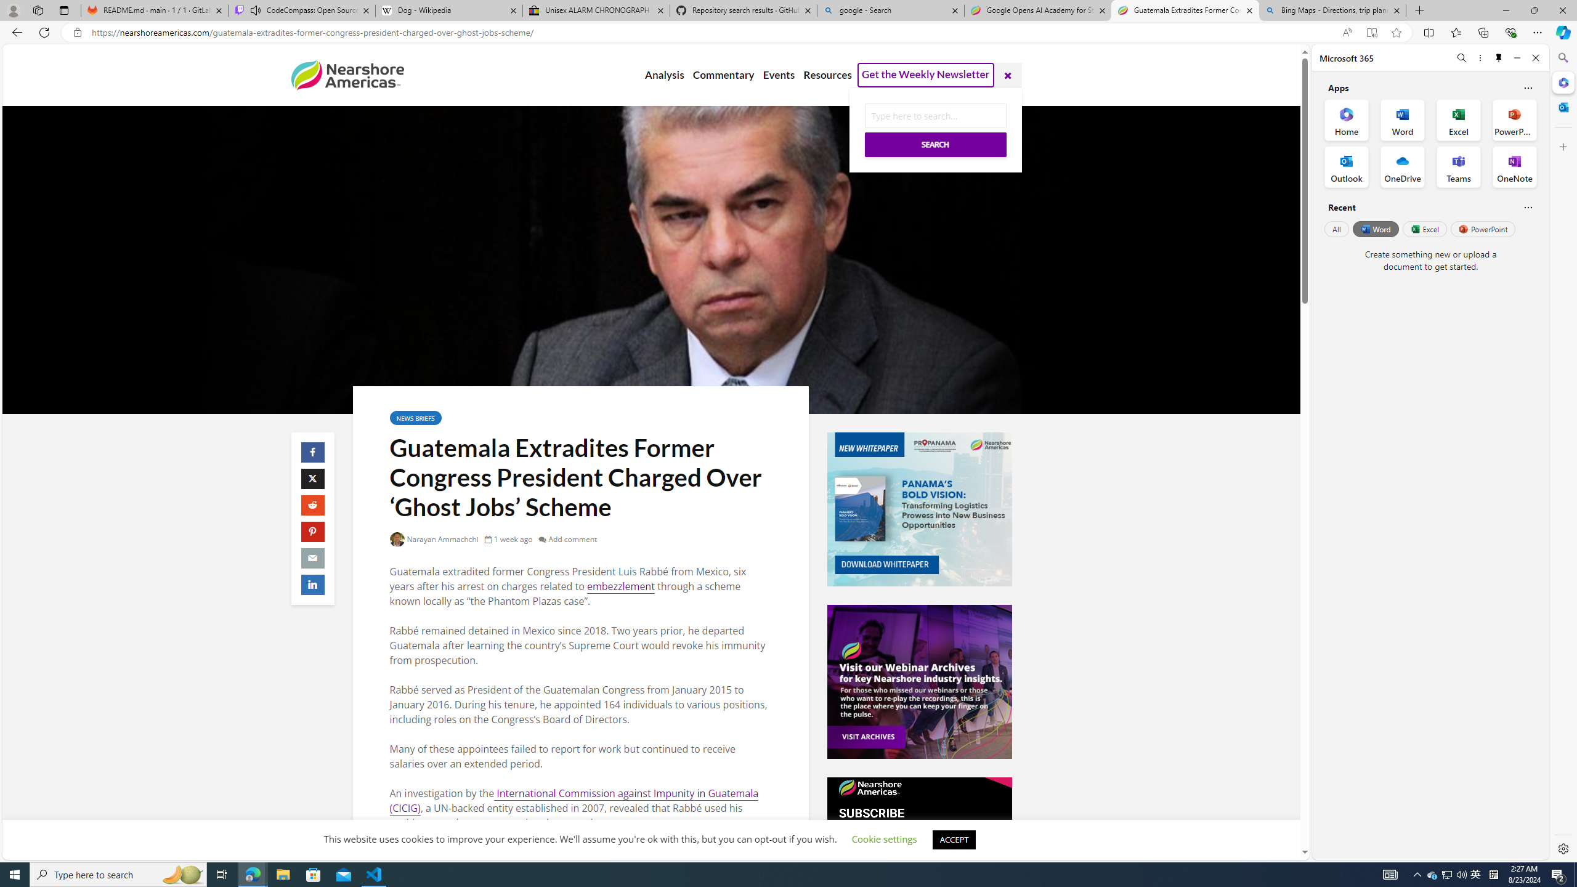  What do you see at coordinates (1346, 167) in the screenshot?
I see `'Outlook Office App'` at bounding box center [1346, 167].